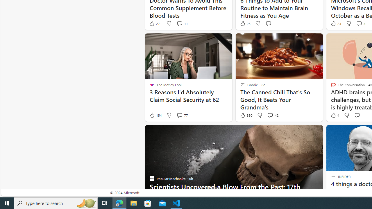 The height and width of the screenshot is (209, 372). What do you see at coordinates (182, 23) in the screenshot?
I see `'View comments 11 Comment'` at bounding box center [182, 23].